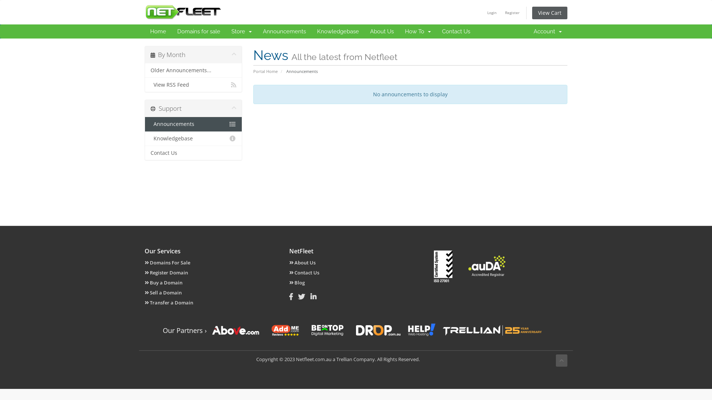  Describe the element at coordinates (166, 273) in the screenshot. I see `'Register Domain'` at that location.